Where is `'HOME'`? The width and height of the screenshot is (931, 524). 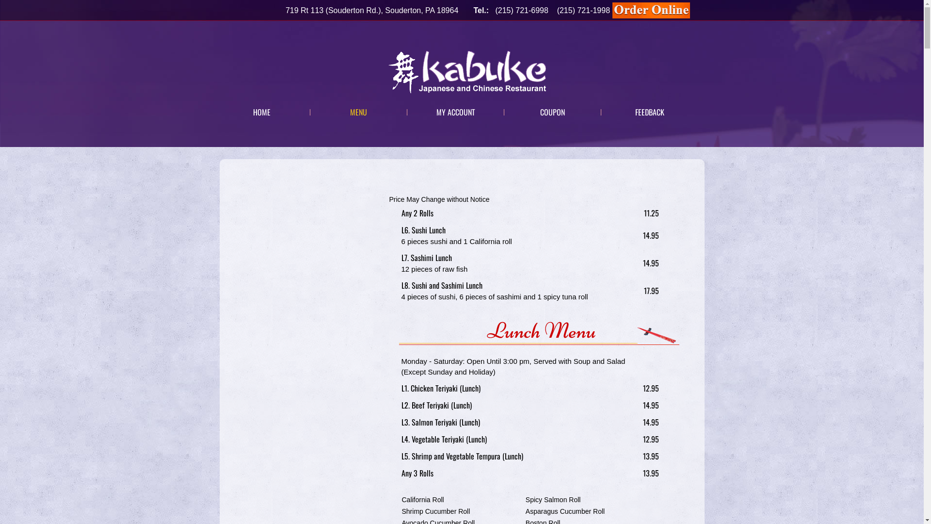 'HOME' is located at coordinates (261, 112).